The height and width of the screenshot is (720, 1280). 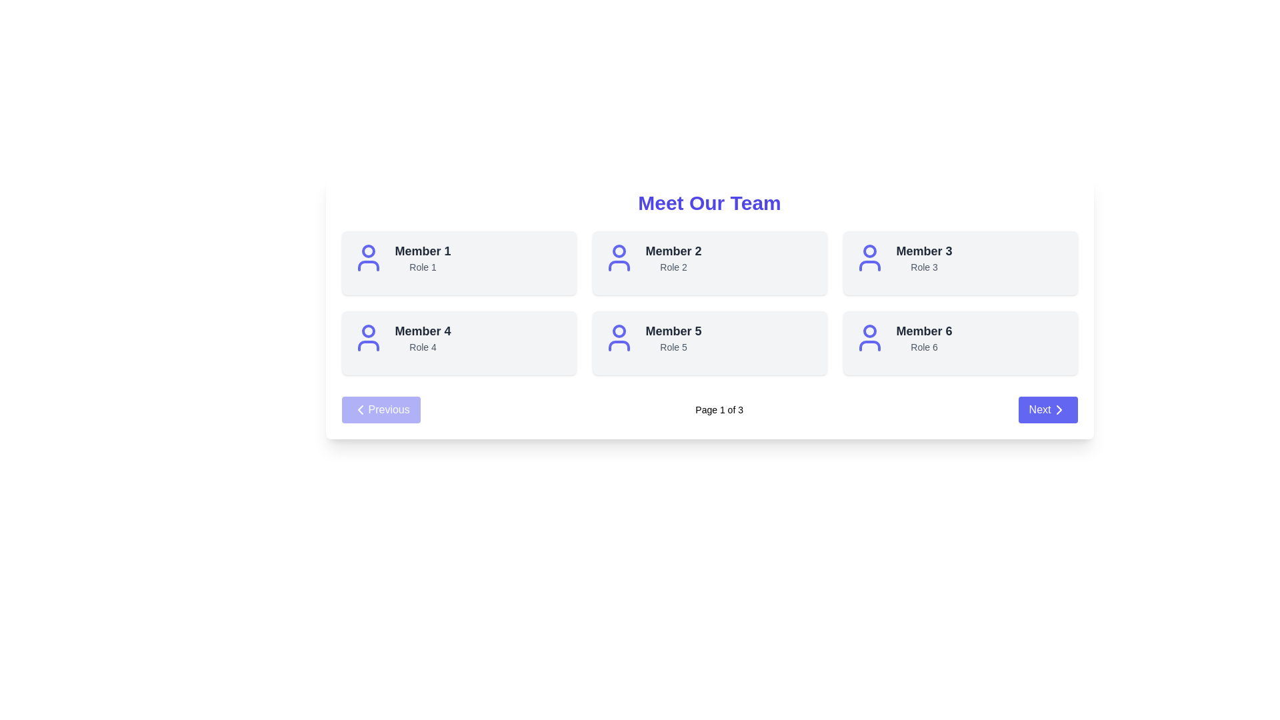 I want to click on the user icon representing 'Member 4' in the fourth card of the grid layout, located on the left side next to the textual details, so click(x=368, y=337).